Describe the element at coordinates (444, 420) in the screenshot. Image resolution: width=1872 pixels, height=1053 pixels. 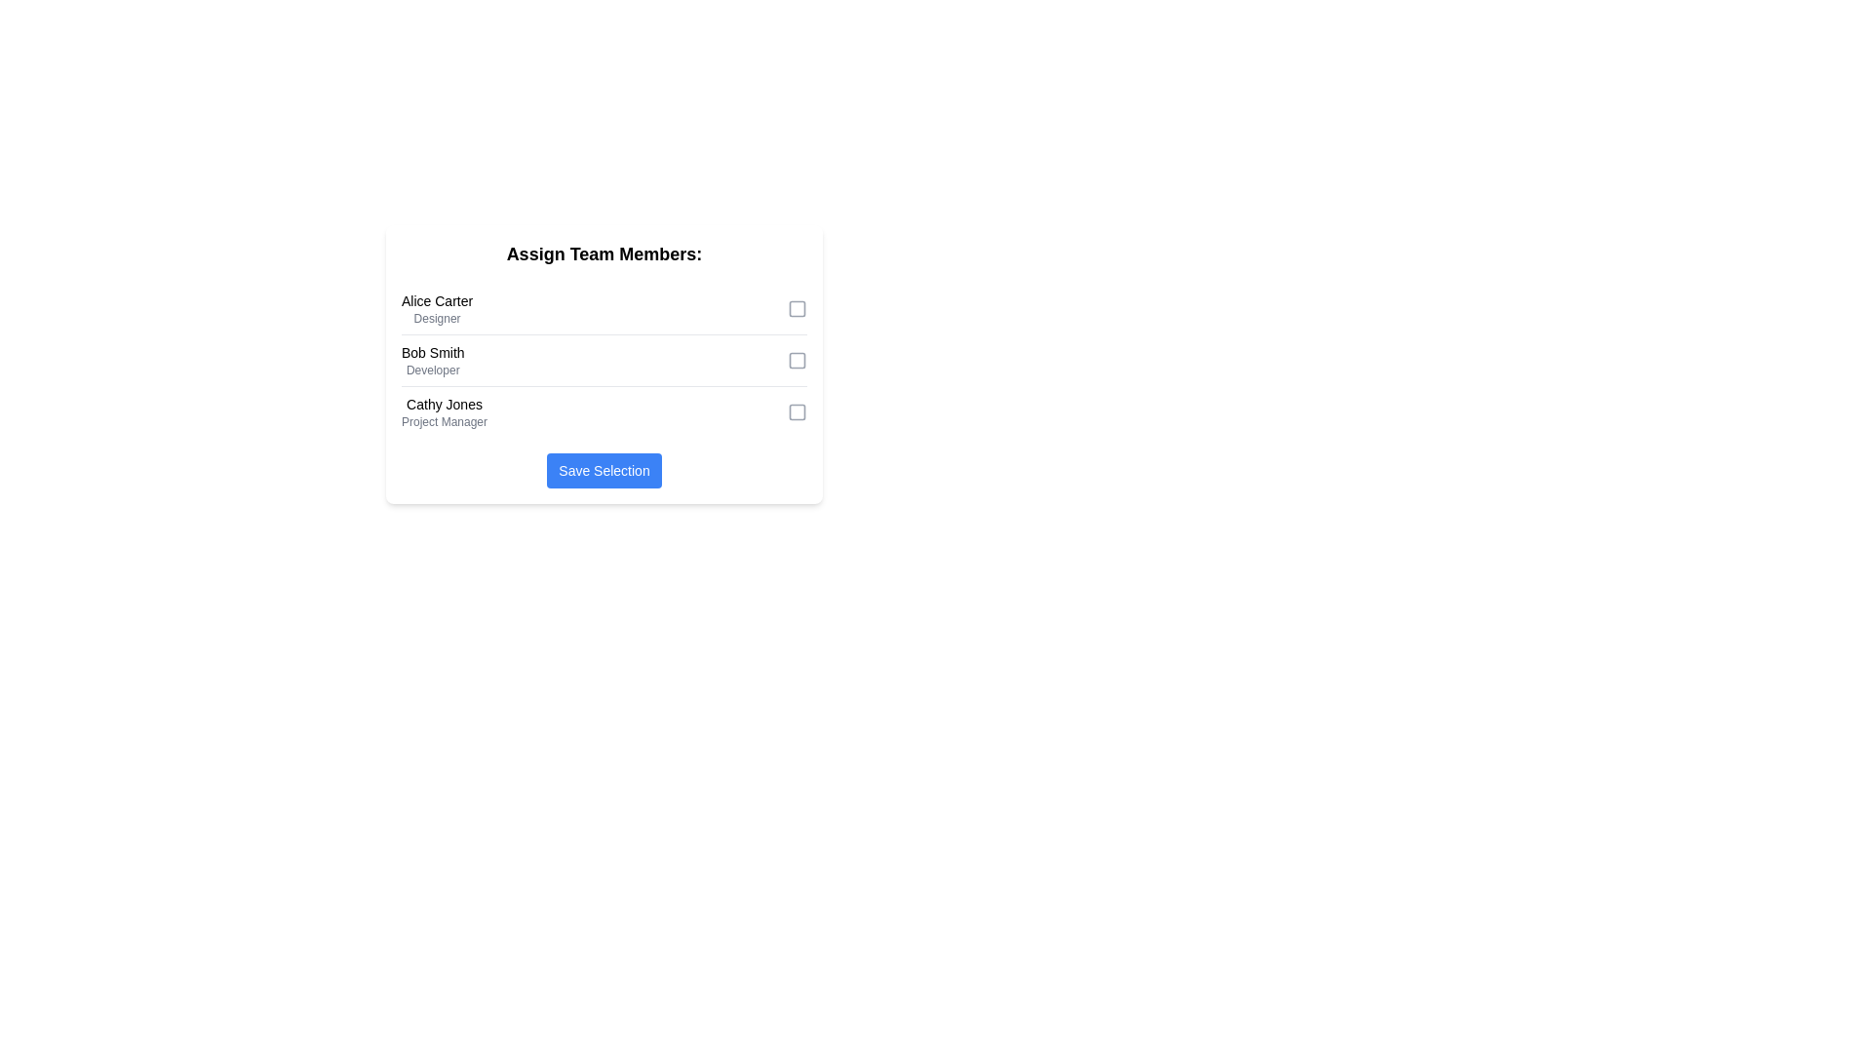
I see `the 'Project Manager' label, which is styled in a smaller font size and light gray color, located beneath 'Cathy Jones' in the dialog box` at that location.